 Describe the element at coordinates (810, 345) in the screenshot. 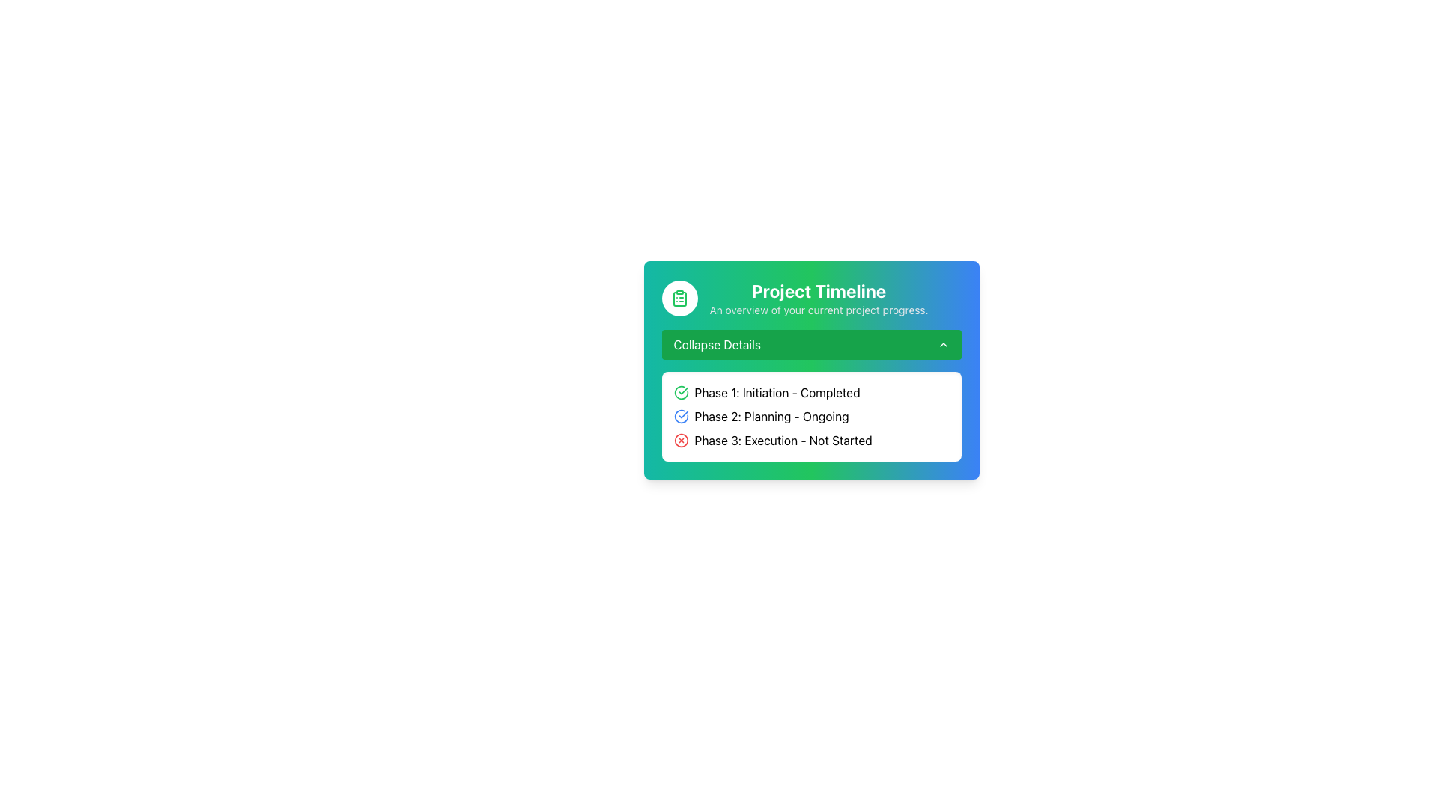

I see `the 'Collapse Details' button located in the green section of the card-like interface` at that location.